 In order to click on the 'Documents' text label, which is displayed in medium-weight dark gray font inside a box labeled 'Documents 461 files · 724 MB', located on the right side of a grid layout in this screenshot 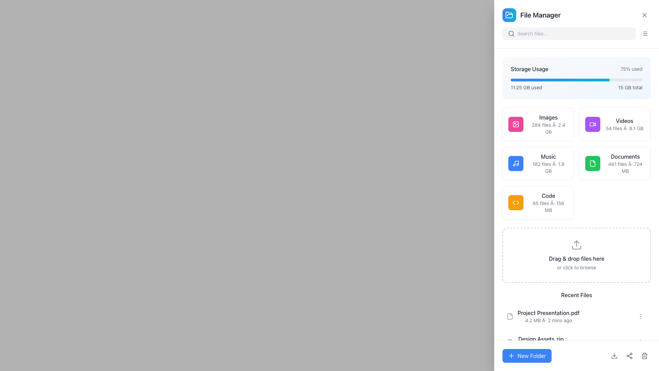, I will do `click(625, 156)`.